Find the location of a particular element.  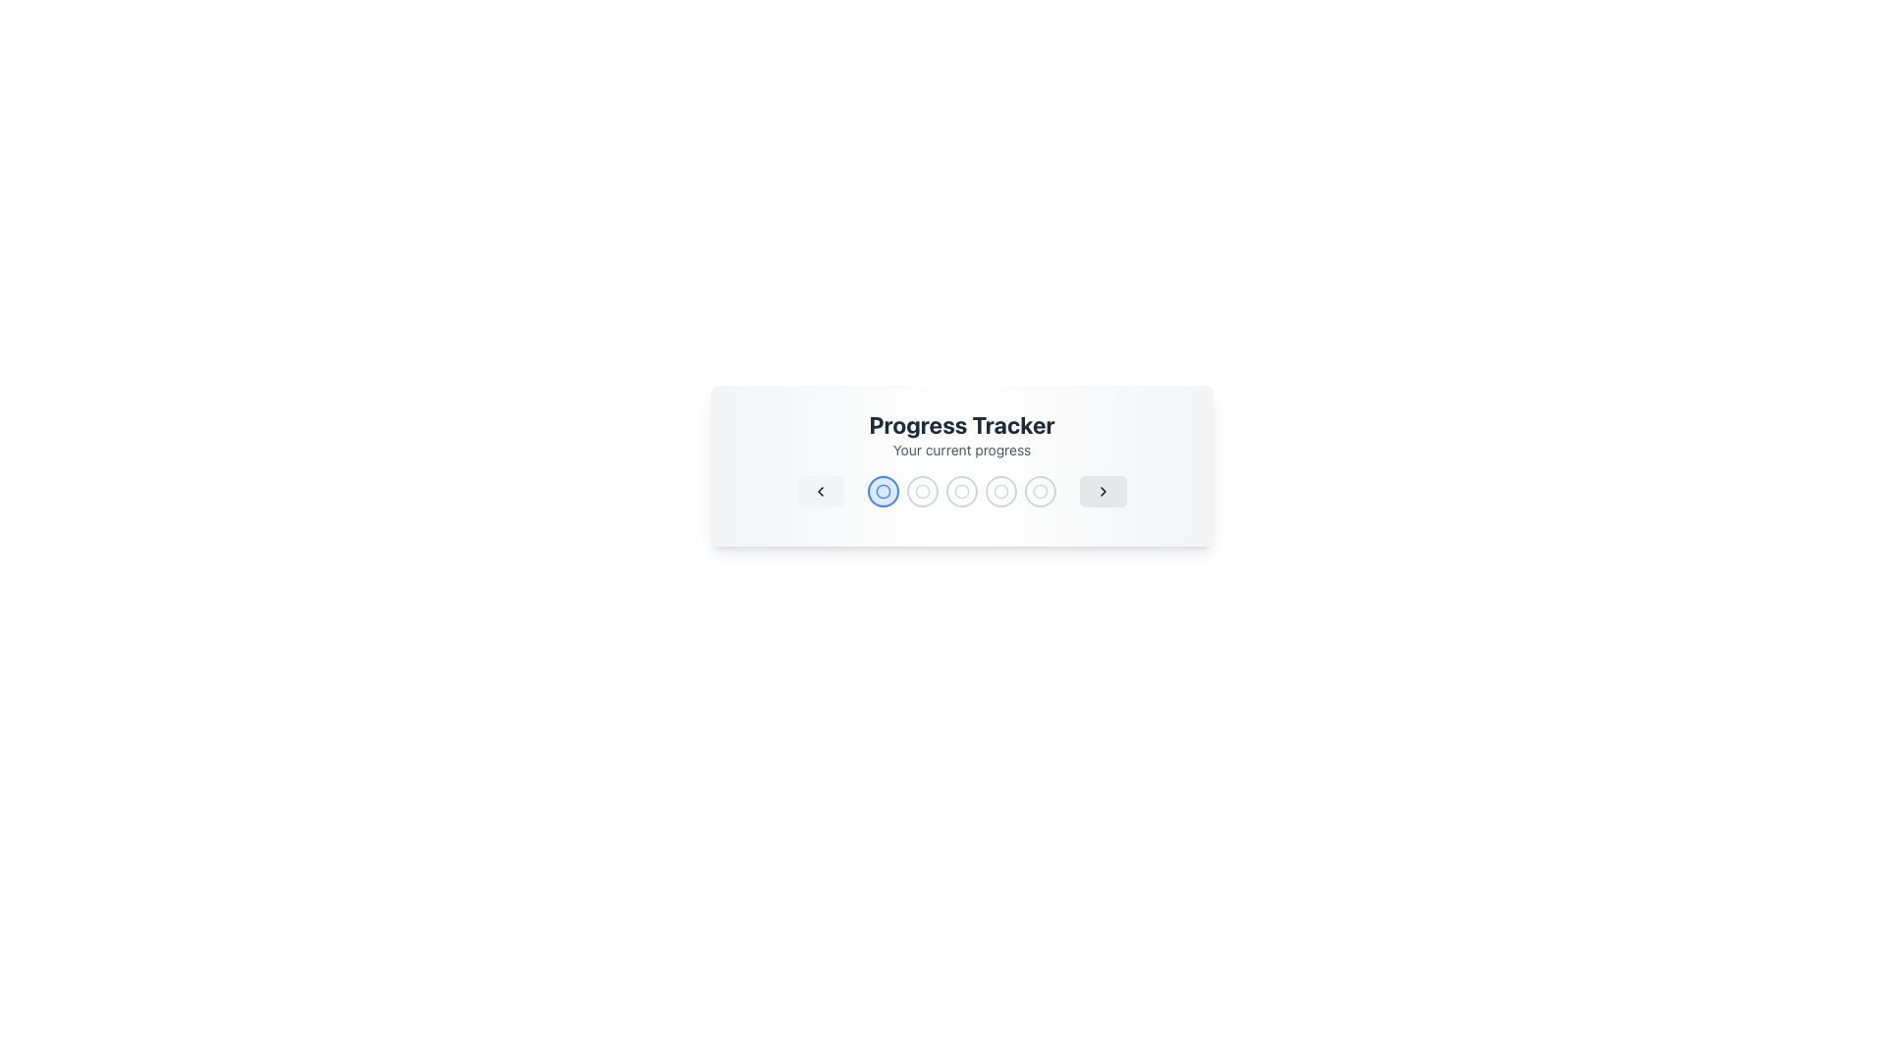

the static text label that serves as a descriptive subtitle for 'Progress Tracker', located immediately below the main title in the central upper area of the interface is located at coordinates (961, 450).